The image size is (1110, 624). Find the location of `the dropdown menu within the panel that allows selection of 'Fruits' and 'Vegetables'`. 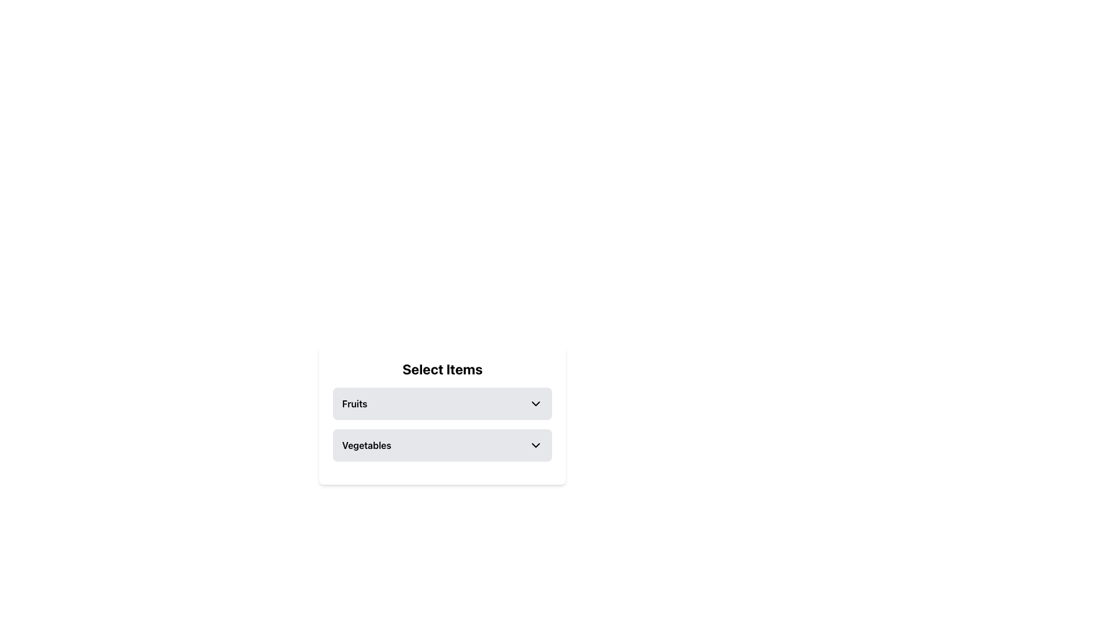

the dropdown menu within the panel that allows selection of 'Fruits' and 'Vegetables' is located at coordinates (442, 414).